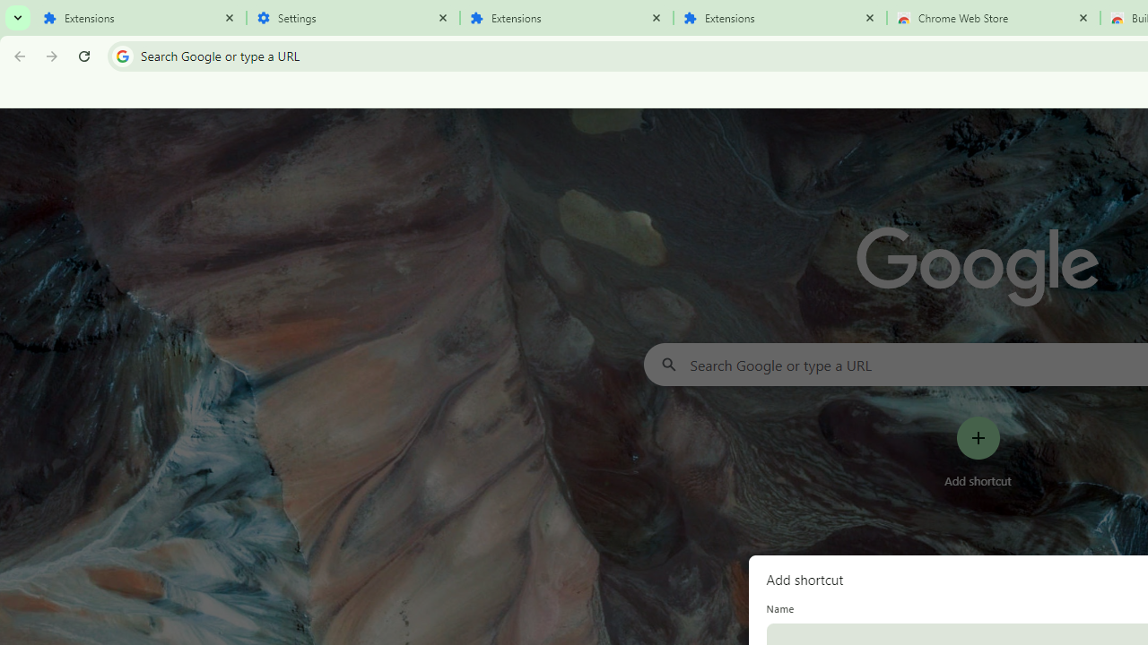 This screenshot has width=1148, height=645. Describe the element at coordinates (18, 18) in the screenshot. I see `'Search tabs'` at that location.